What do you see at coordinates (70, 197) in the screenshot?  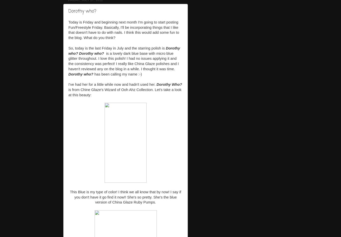 I see `'This Blue is my type of color! I think we all know that by now! I say if you don't have it go find it now!! She's so pretty. She's the blue version of China Glaze Ruby Pumps.'` at bounding box center [70, 197].